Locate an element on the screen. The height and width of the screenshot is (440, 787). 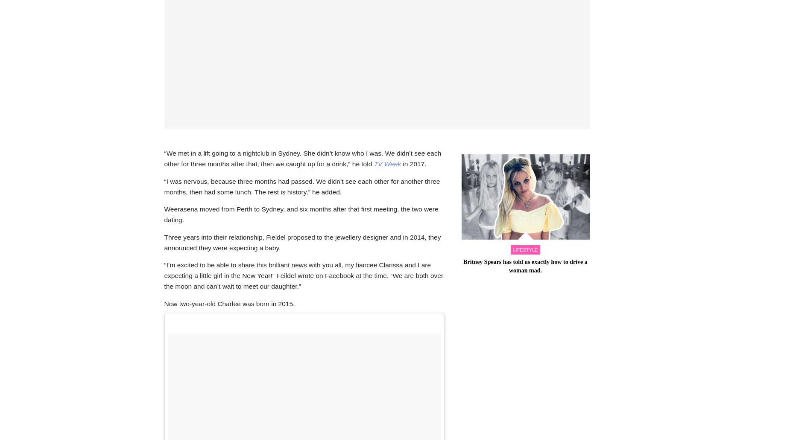
'“I’m excited to be able to share this brilliant news with you all, my fiancee Clarissa and I are expecting a little girl in the New Year!” Feildel wrote on Facebook at the time. “We are both over the moon and can’t wait to meet our daughter.”' is located at coordinates (303, 275).